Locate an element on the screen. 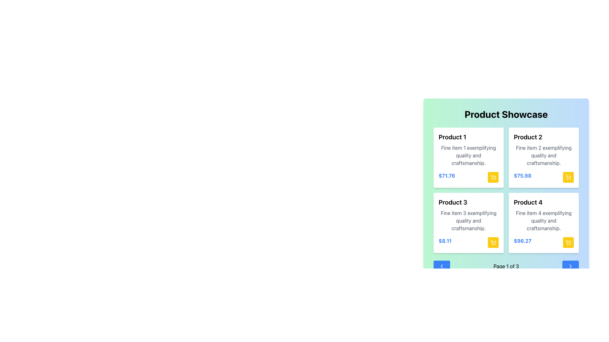 This screenshot has width=609, height=342. the shopping cart icon element, which is part of the graphical representation of 'Product 3' located at the bottom-right corner of its card is located at coordinates (493, 242).